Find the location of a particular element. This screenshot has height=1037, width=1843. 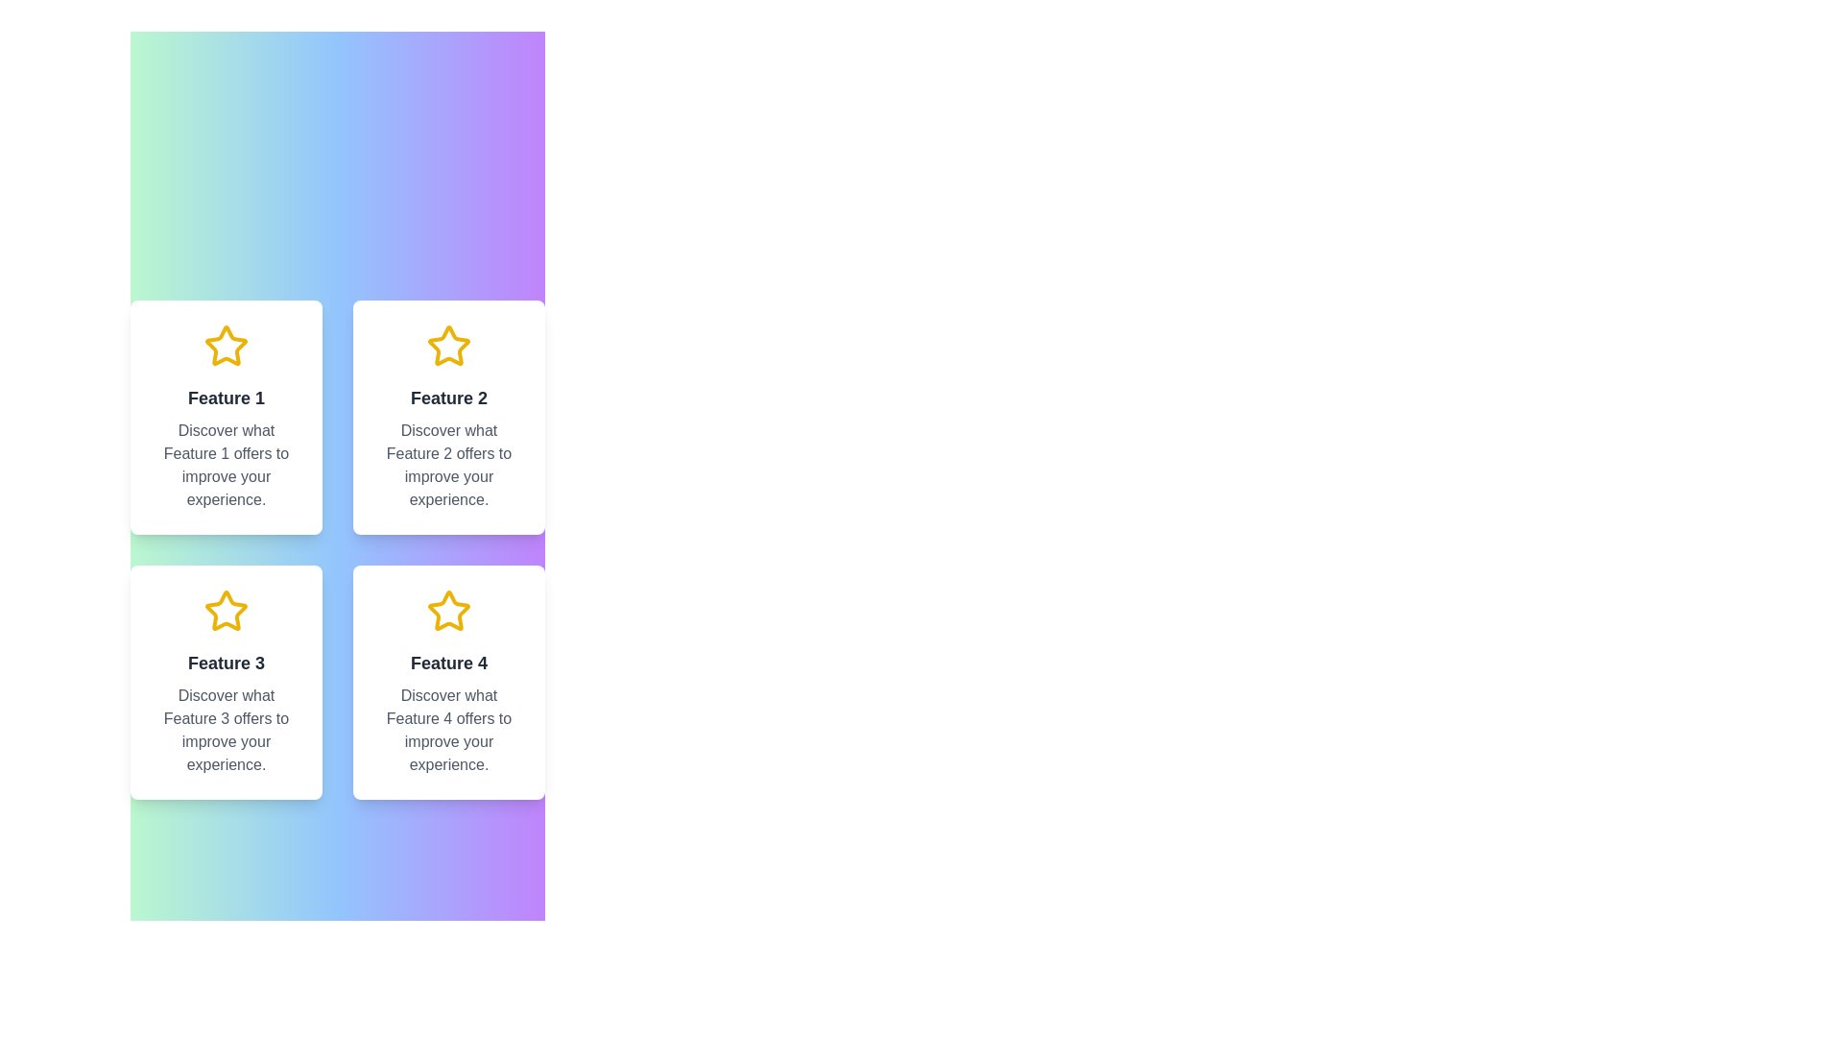

the yellow star icon with a hollow center located in the top-left card of the grid, which is associated with the heading 'Feature 1' is located at coordinates (226, 347).